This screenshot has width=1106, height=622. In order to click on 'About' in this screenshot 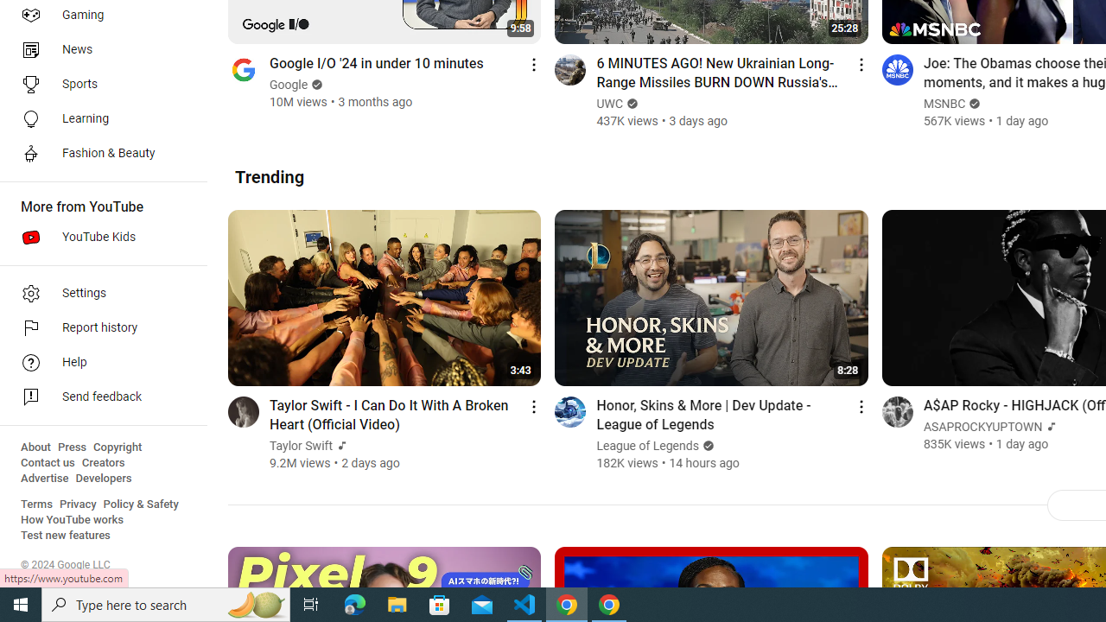, I will do `click(35, 447)`.